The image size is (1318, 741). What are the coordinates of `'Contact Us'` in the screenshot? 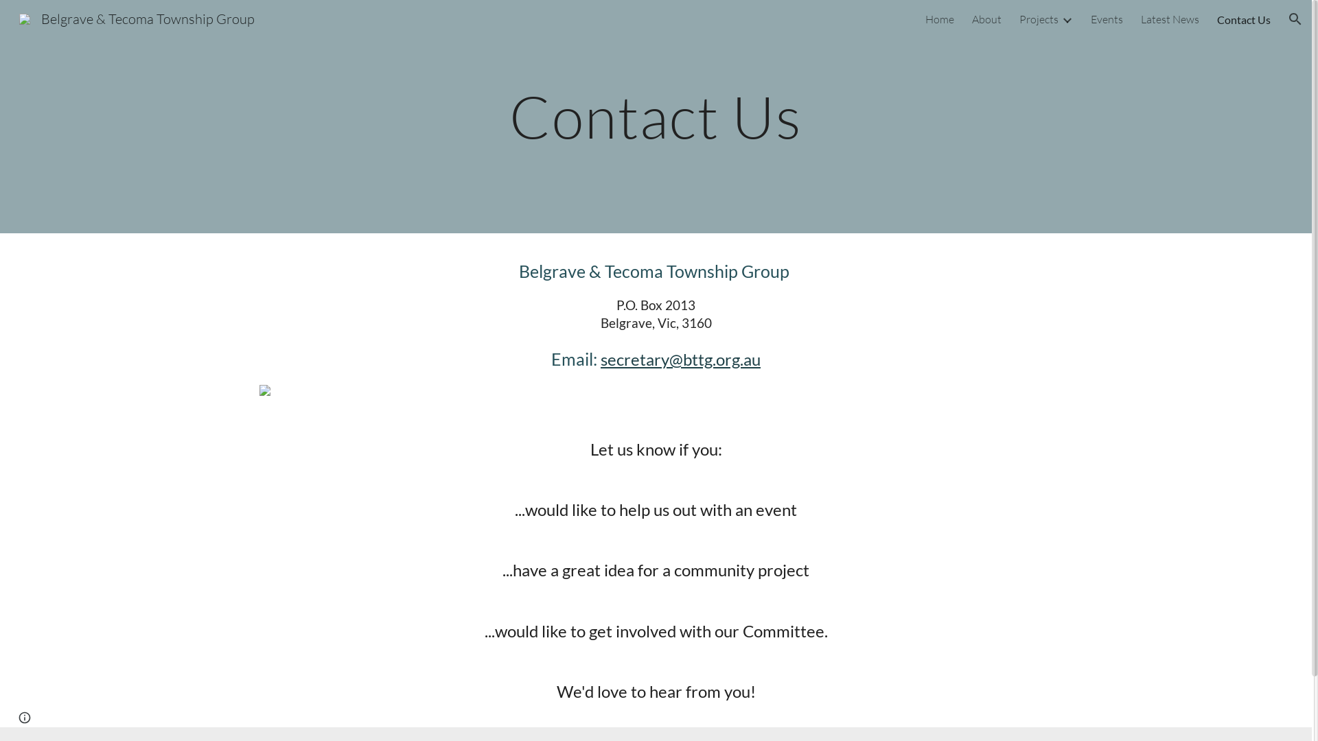 It's located at (1244, 19).